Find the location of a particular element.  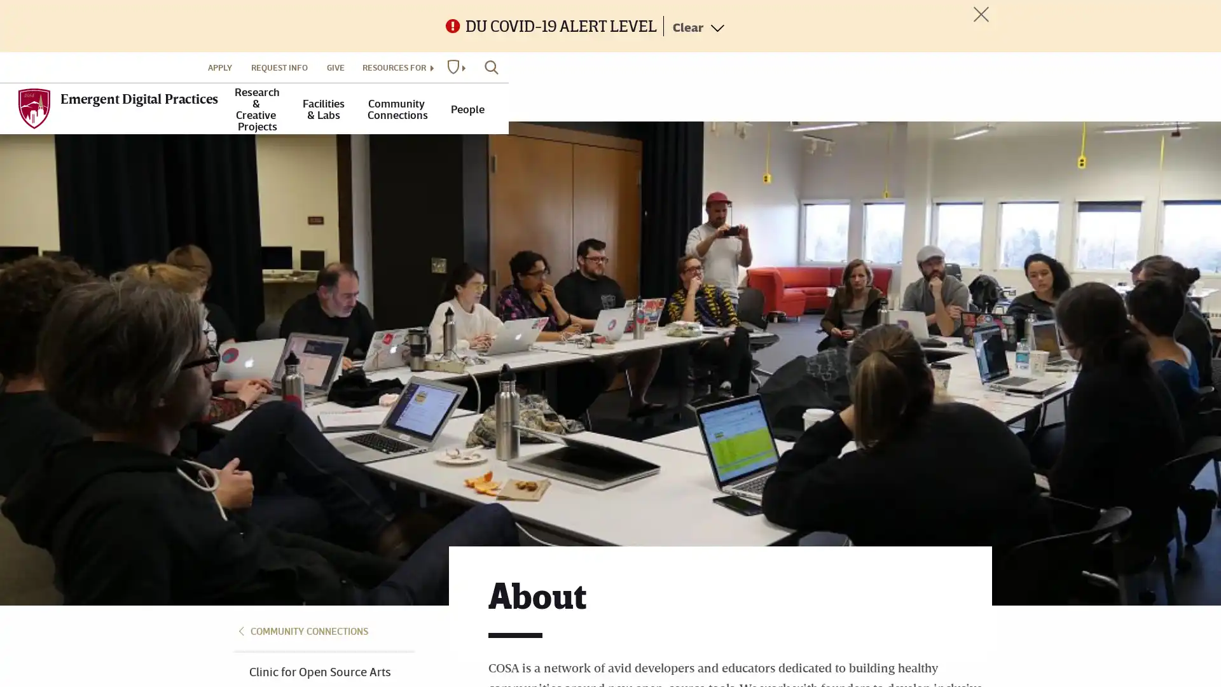

RESOURCES FOR is located at coordinates (879, 67).